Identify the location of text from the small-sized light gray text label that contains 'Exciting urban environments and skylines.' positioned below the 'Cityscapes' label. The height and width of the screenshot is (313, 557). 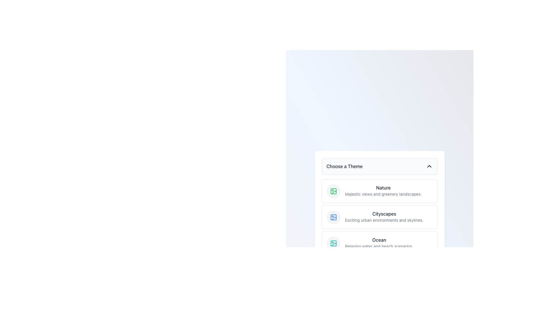
(384, 220).